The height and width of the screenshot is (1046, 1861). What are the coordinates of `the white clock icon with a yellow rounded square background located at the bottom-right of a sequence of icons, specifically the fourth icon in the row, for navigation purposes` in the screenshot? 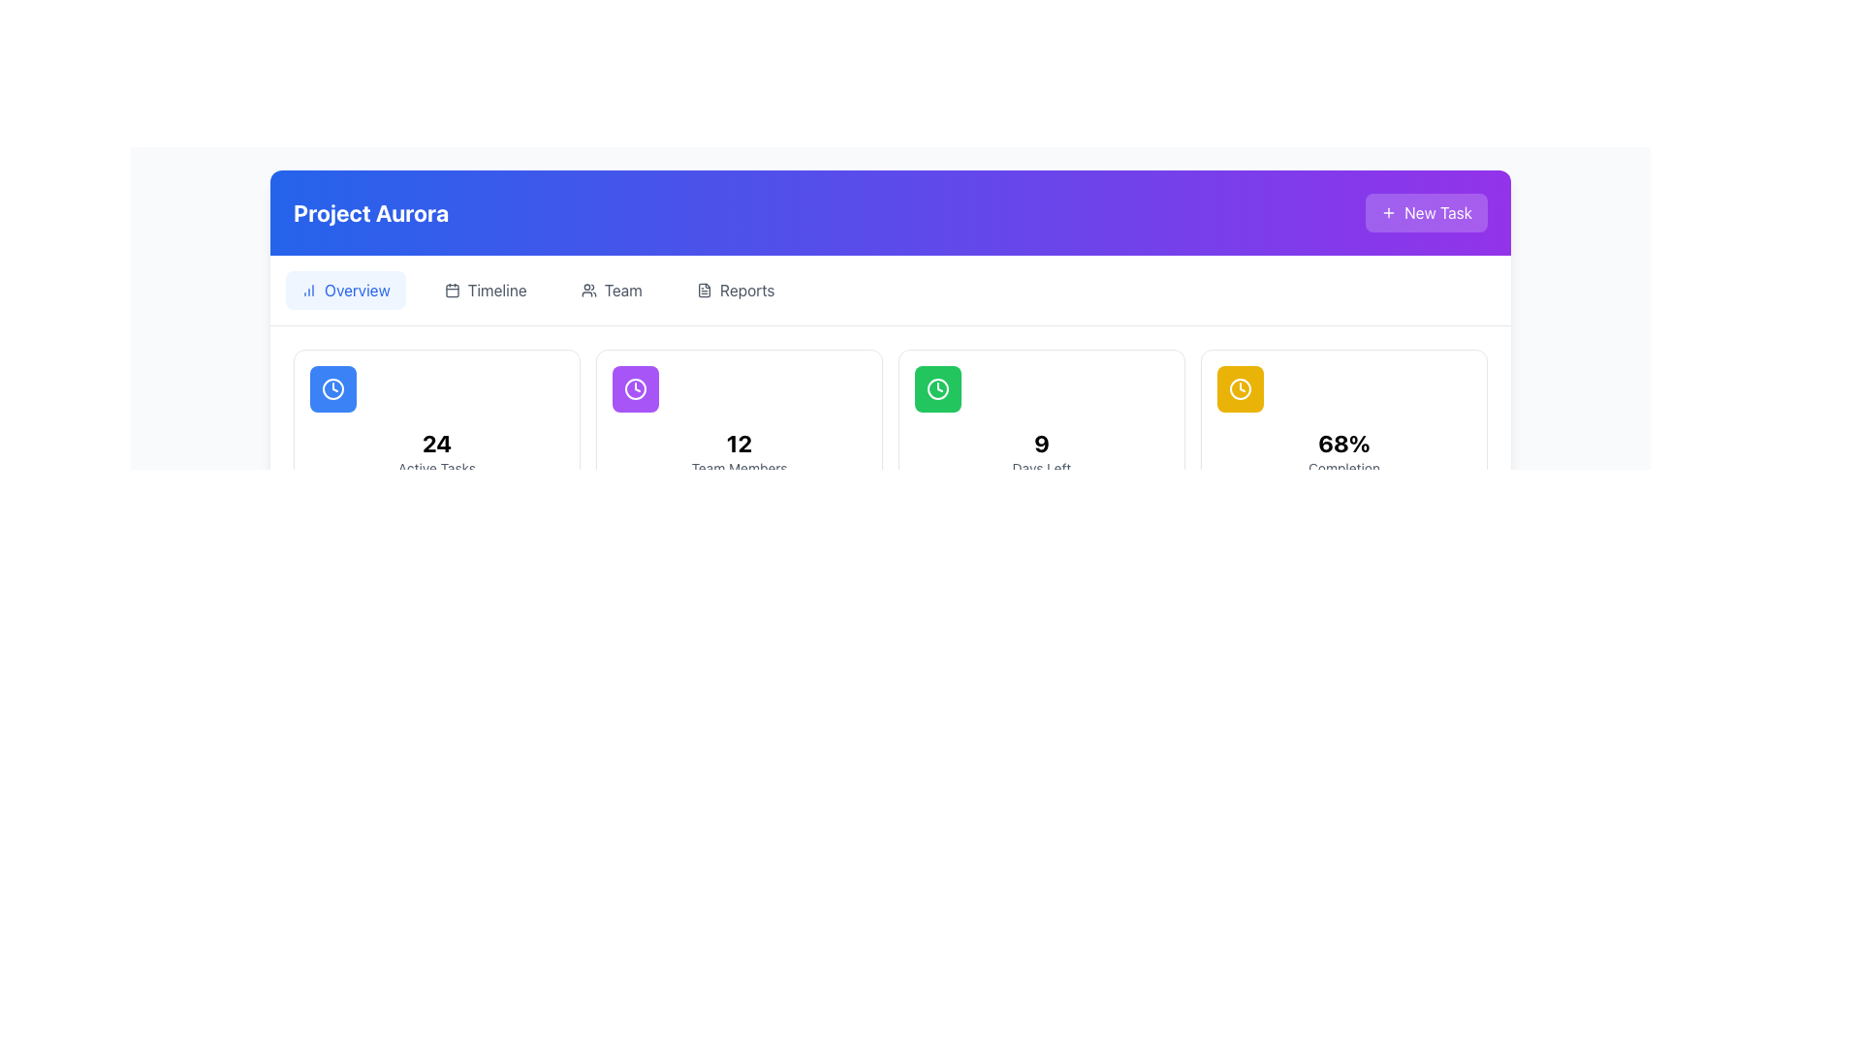 It's located at (1241, 388).